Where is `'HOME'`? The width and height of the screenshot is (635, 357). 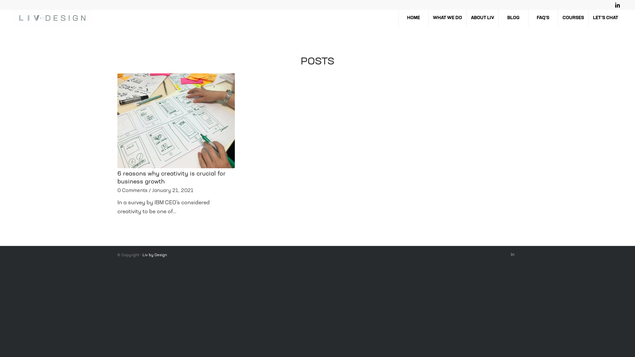
'HOME' is located at coordinates (398, 18).